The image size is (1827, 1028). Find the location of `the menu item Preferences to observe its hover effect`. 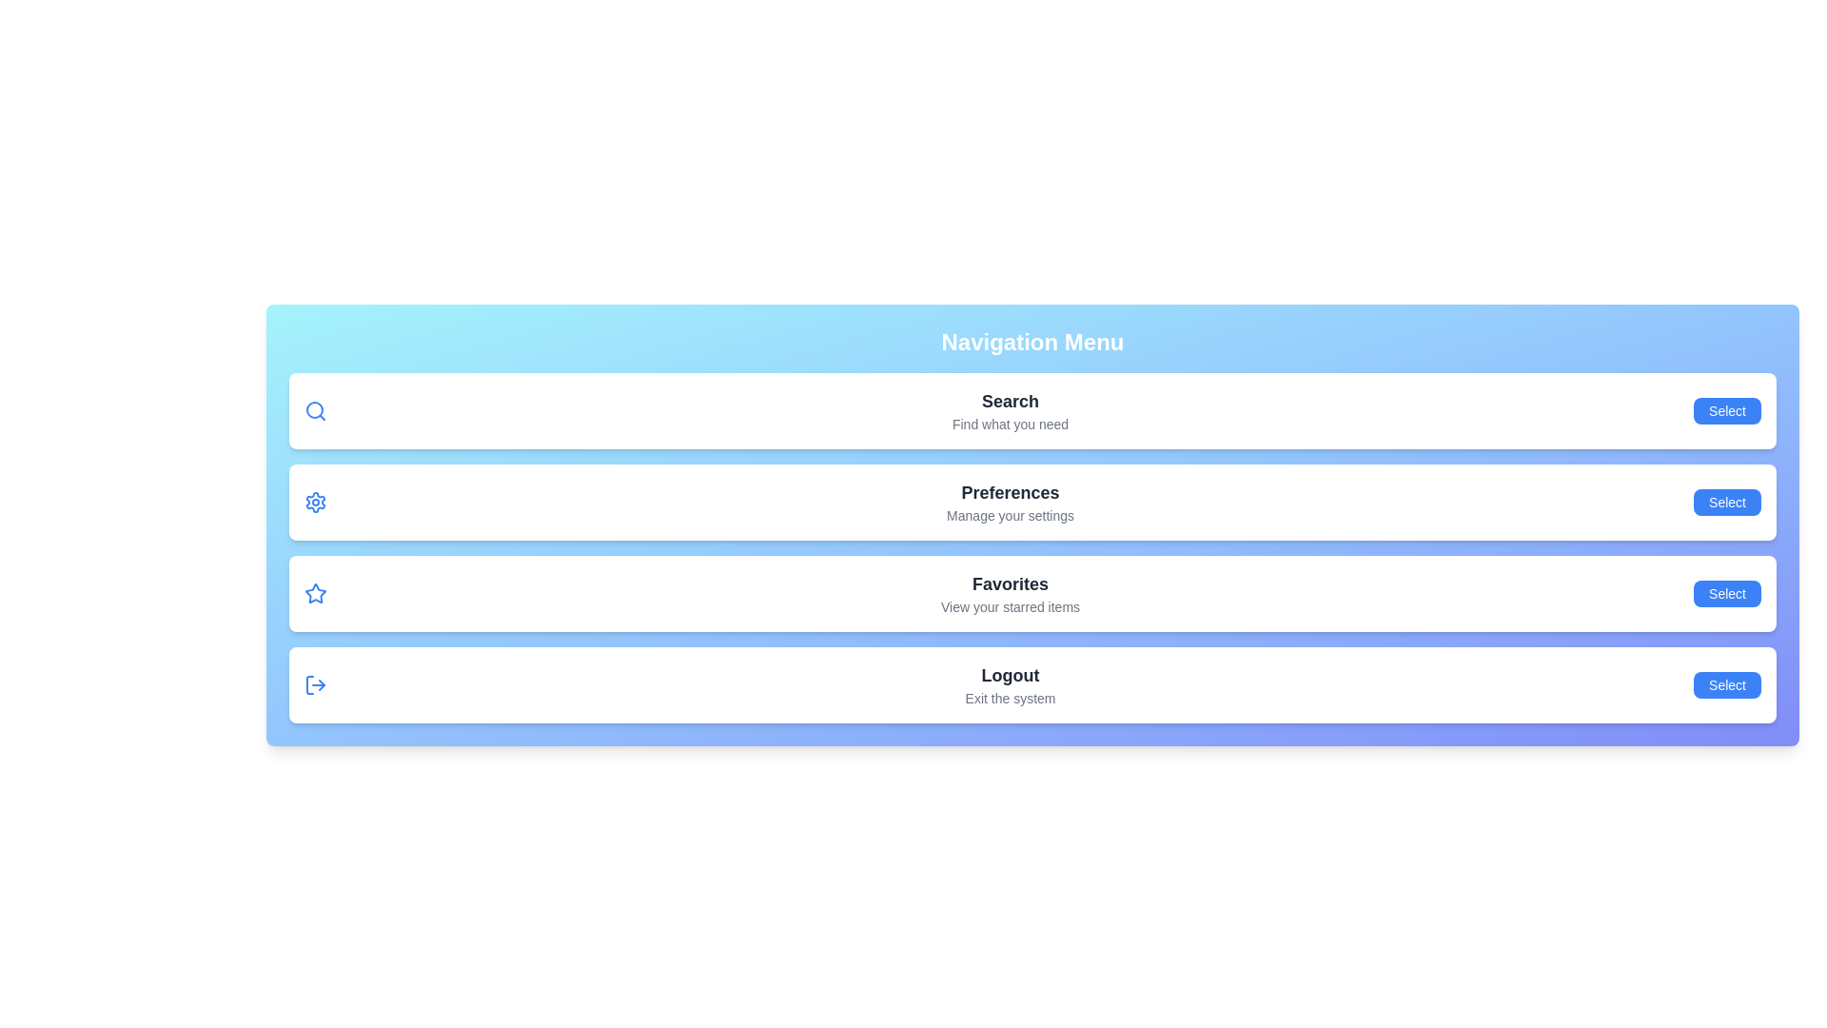

the menu item Preferences to observe its hover effect is located at coordinates (1031, 502).